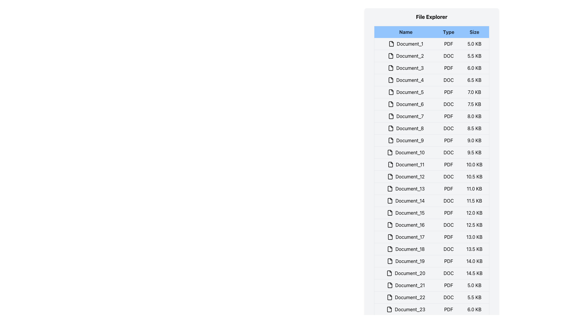  I want to click on the Text Label with Icon displaying 'Document_22' which is positioned to the left of the sibling text elements 'DOC' and '5.5 KB', so click(406, 297).